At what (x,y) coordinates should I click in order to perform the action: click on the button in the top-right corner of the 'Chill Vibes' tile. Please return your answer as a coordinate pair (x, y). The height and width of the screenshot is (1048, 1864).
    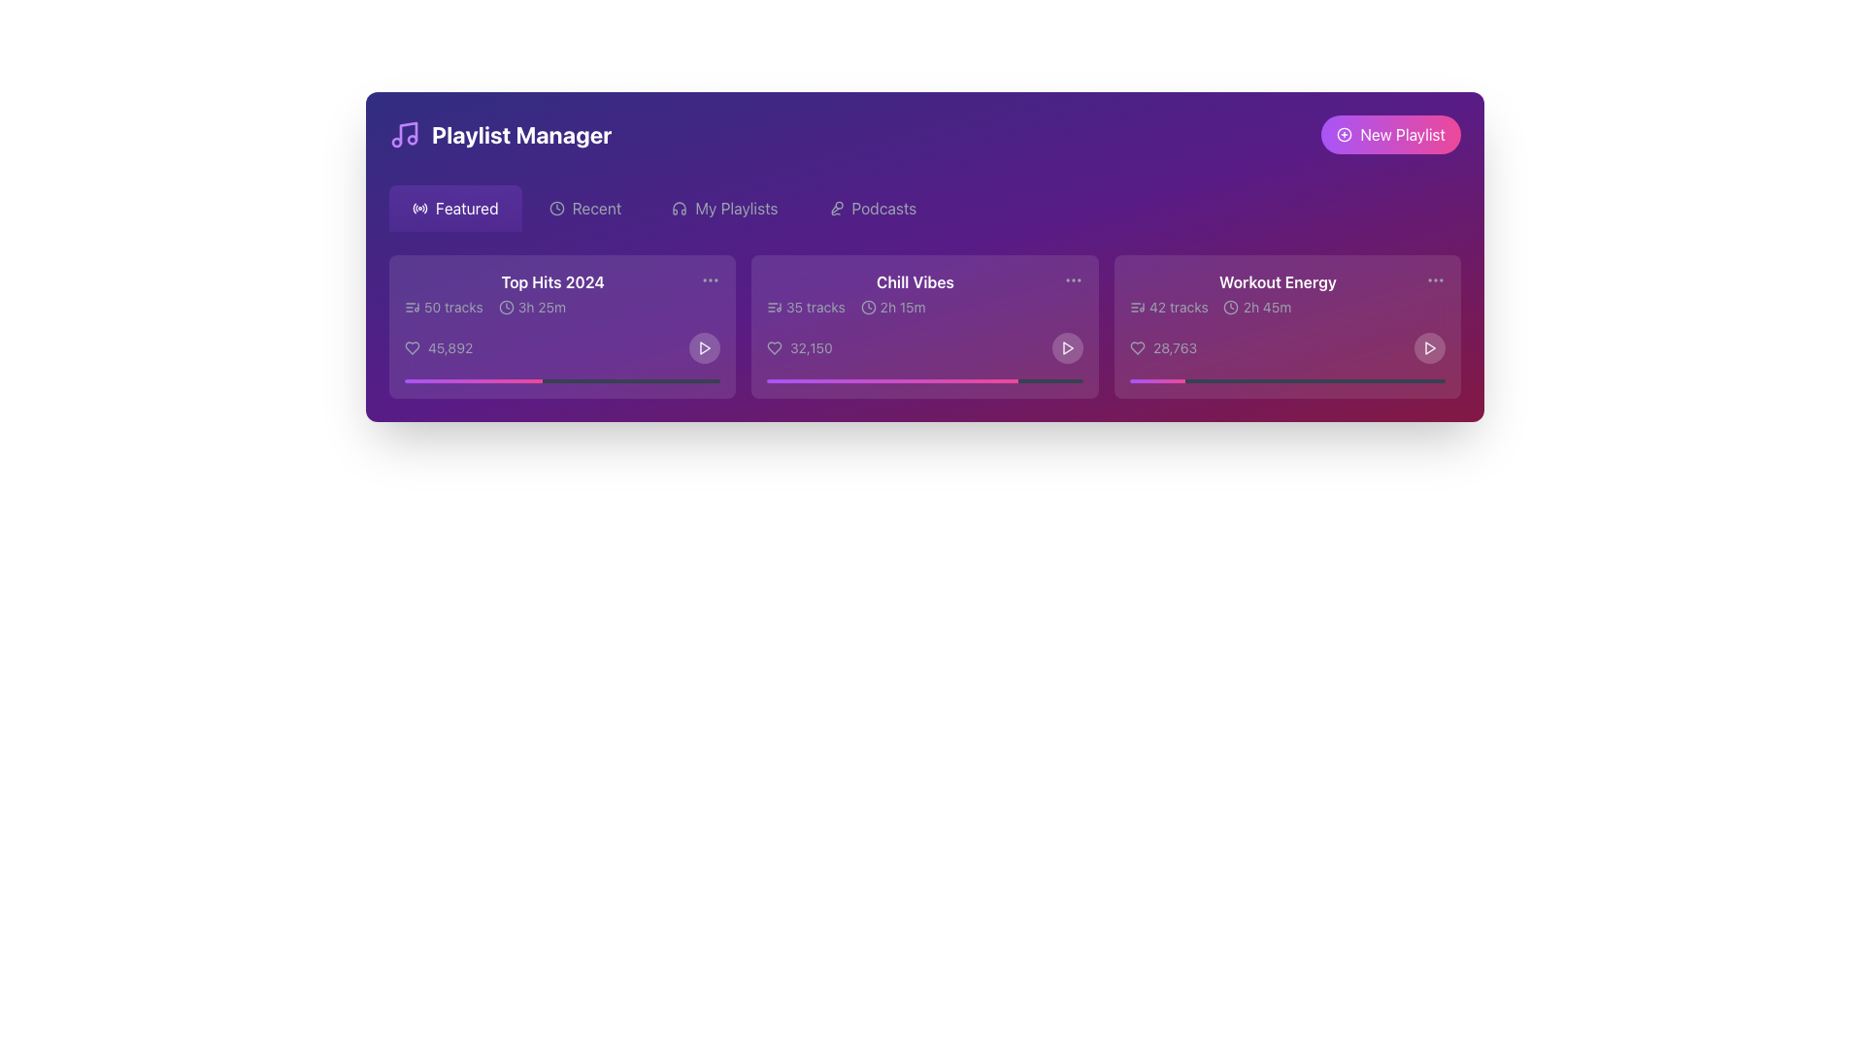
    Looking at the image, I should click on (1072, 280).